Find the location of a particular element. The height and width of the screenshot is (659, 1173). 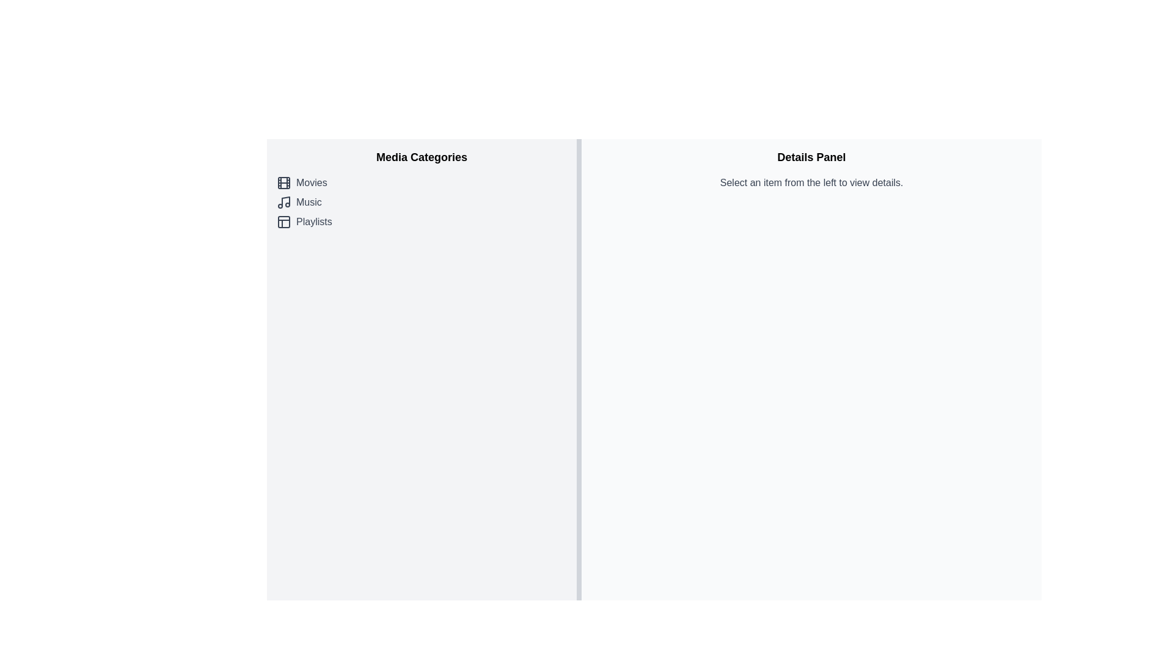

the Decorative SVG Component that represents the filmstrip within the 'Movies' icon is located at coordinates (283, 183).